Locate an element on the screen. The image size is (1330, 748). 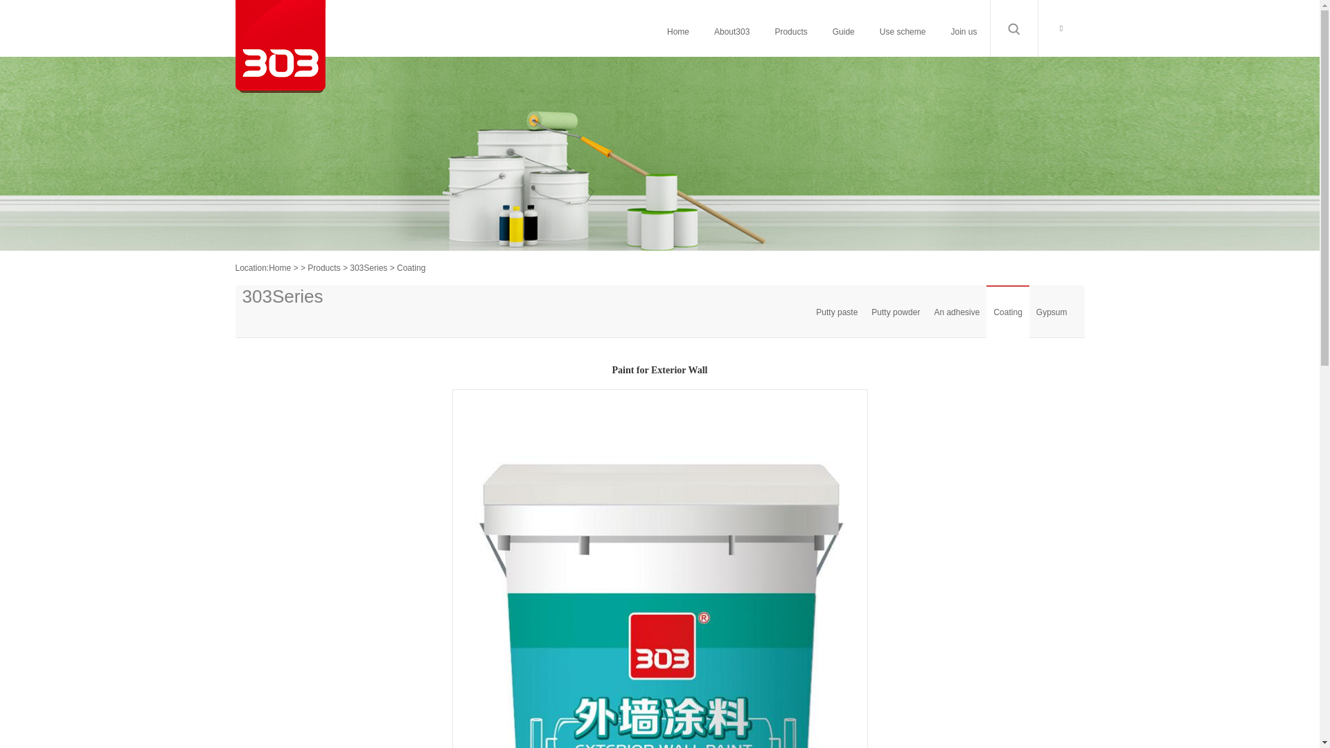
'Home' is located at coordinates (278, 267).